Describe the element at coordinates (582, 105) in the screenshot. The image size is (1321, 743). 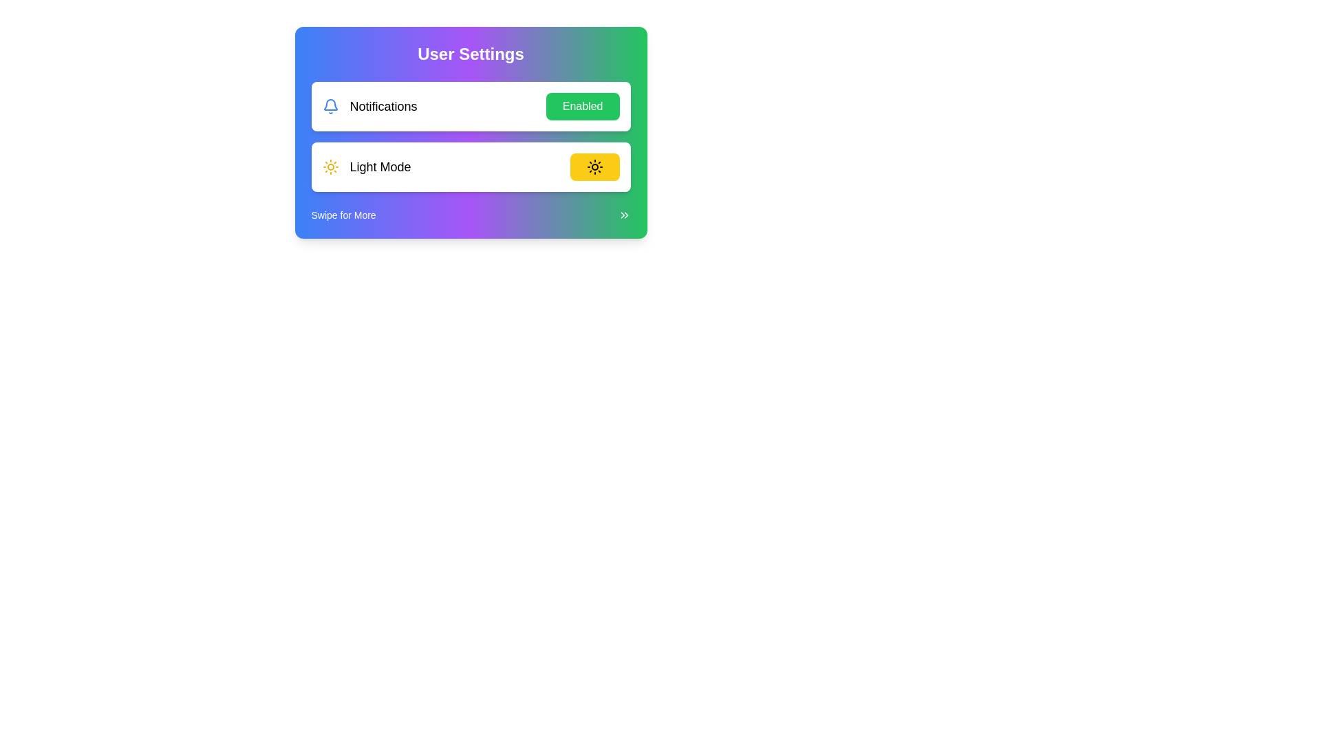
I see `'Enabled' button to toggle the notification setting` at that location.